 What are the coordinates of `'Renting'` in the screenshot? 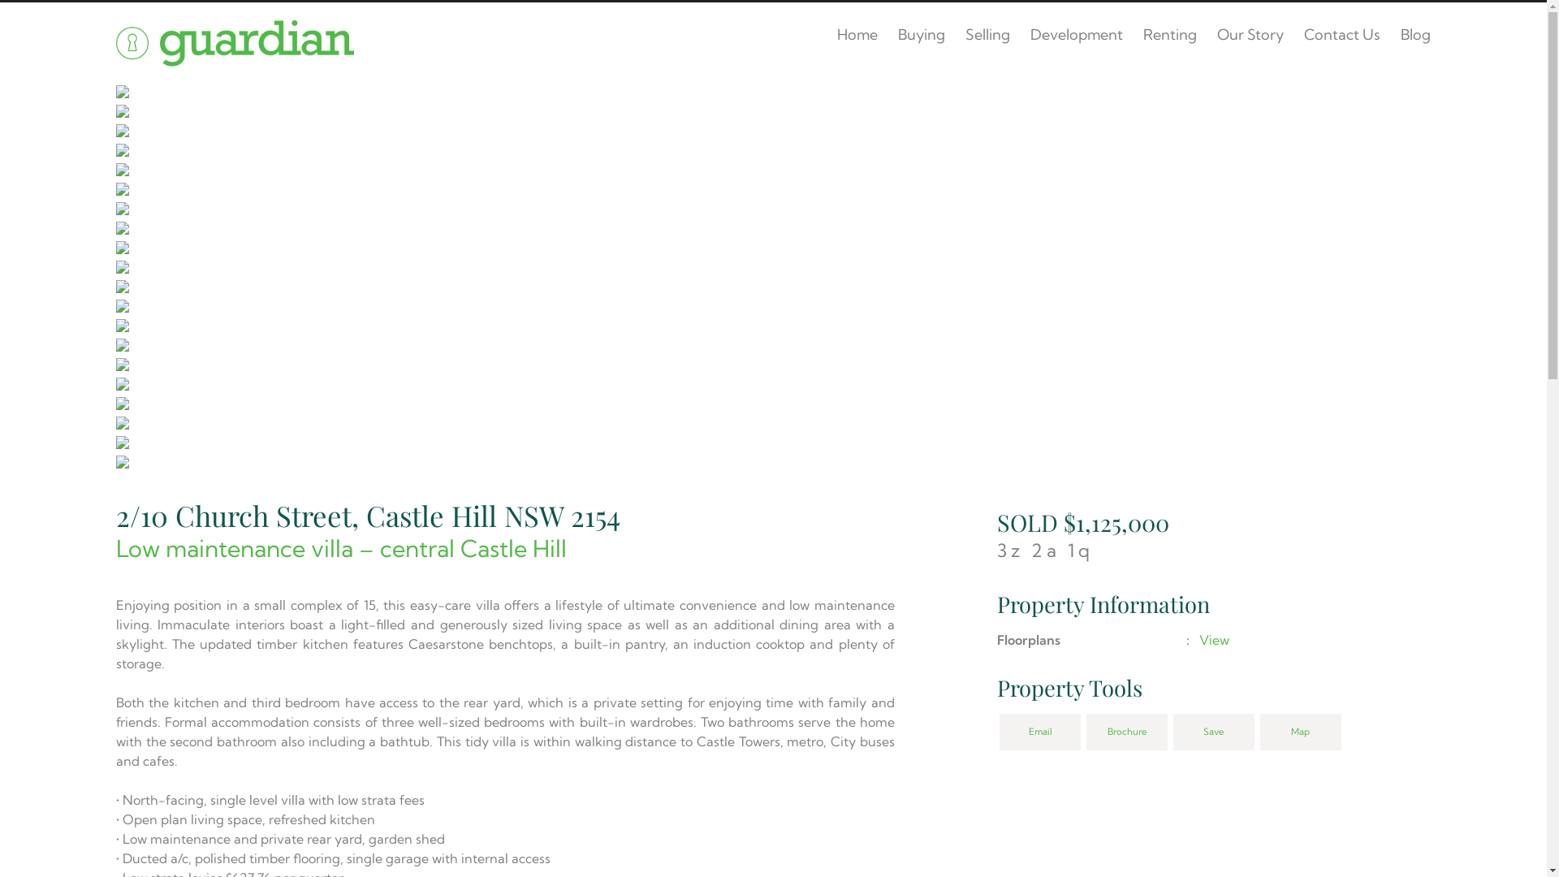 It's located at (1169, 34).